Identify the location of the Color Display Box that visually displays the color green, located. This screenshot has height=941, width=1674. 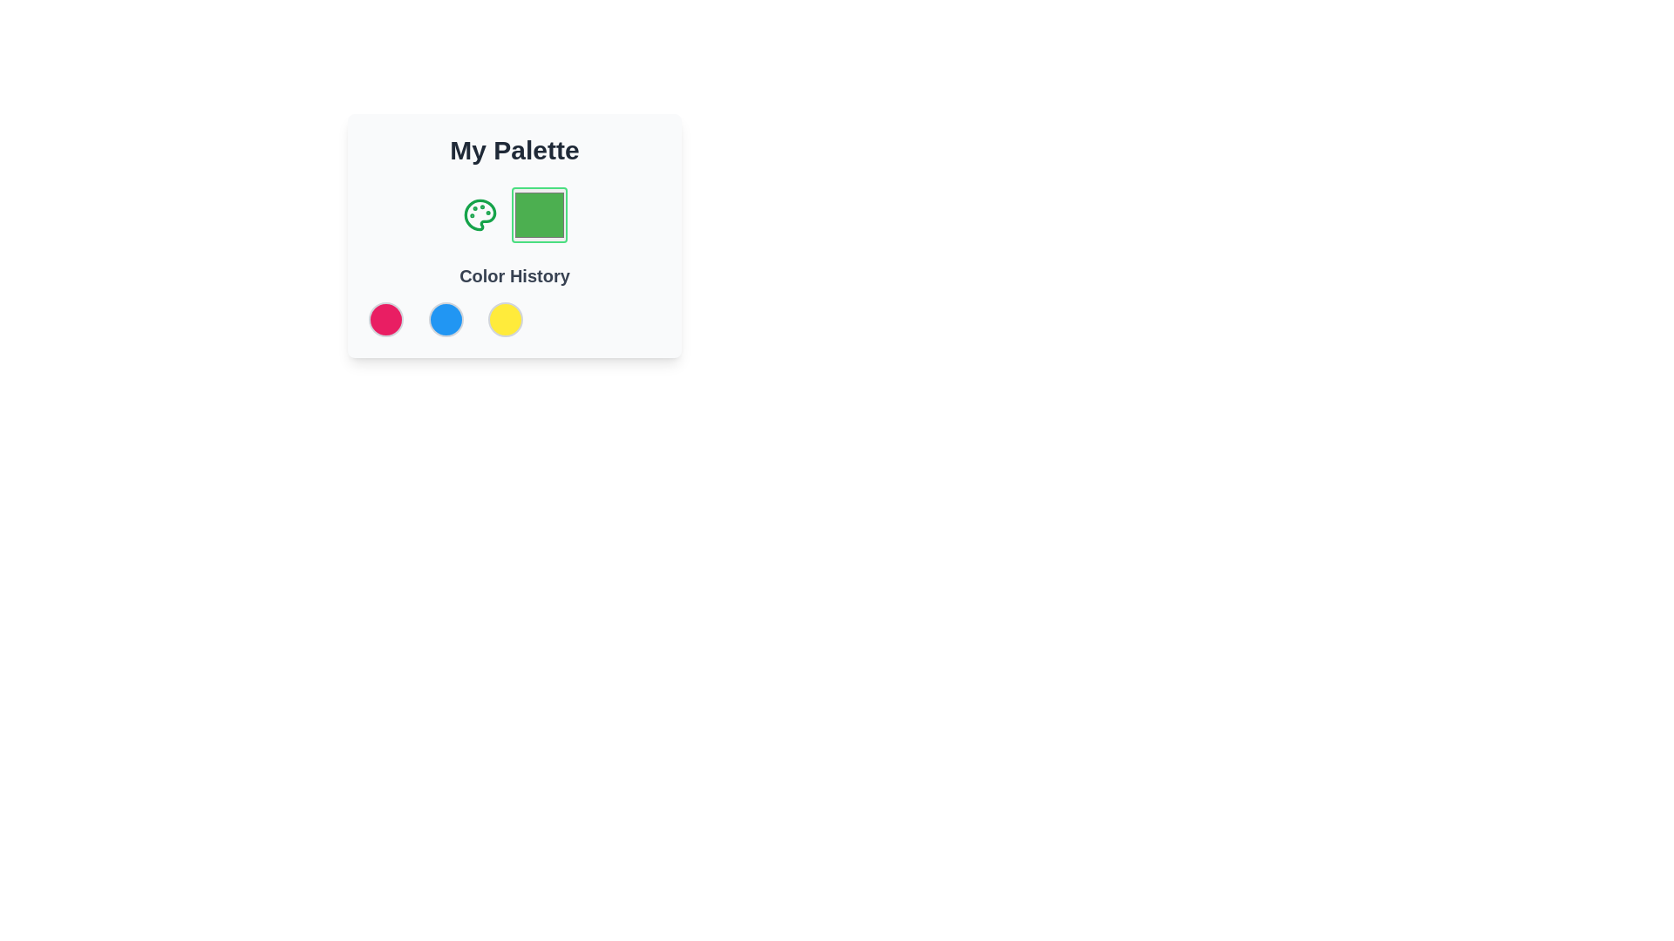
(514, 235).